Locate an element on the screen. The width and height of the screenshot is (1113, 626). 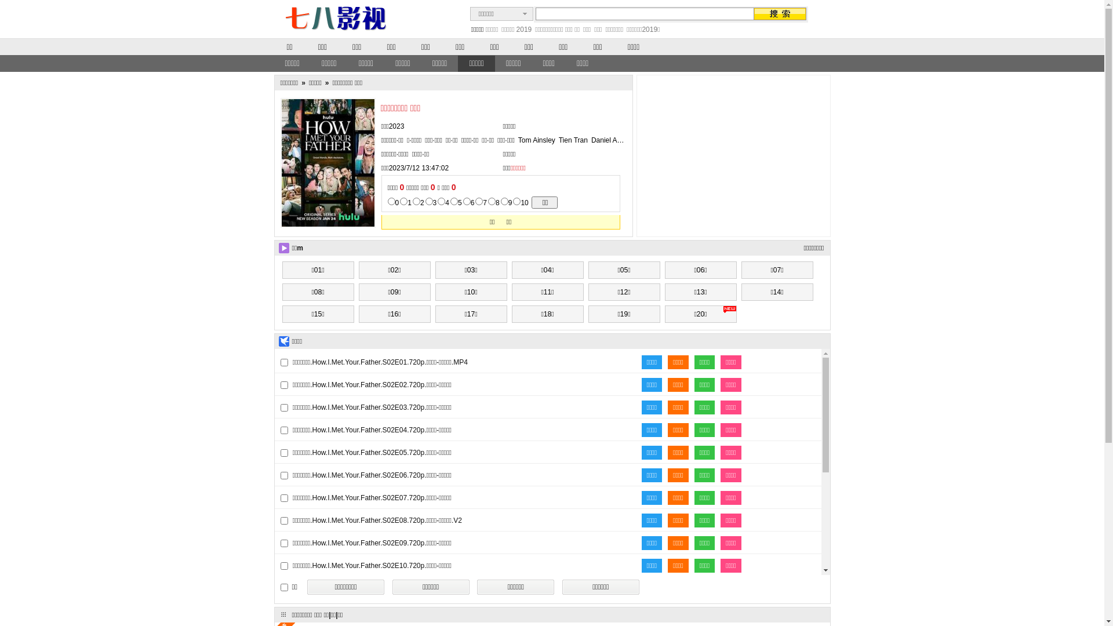
'Tom Ainsley' is located at coordinates (536, 140).